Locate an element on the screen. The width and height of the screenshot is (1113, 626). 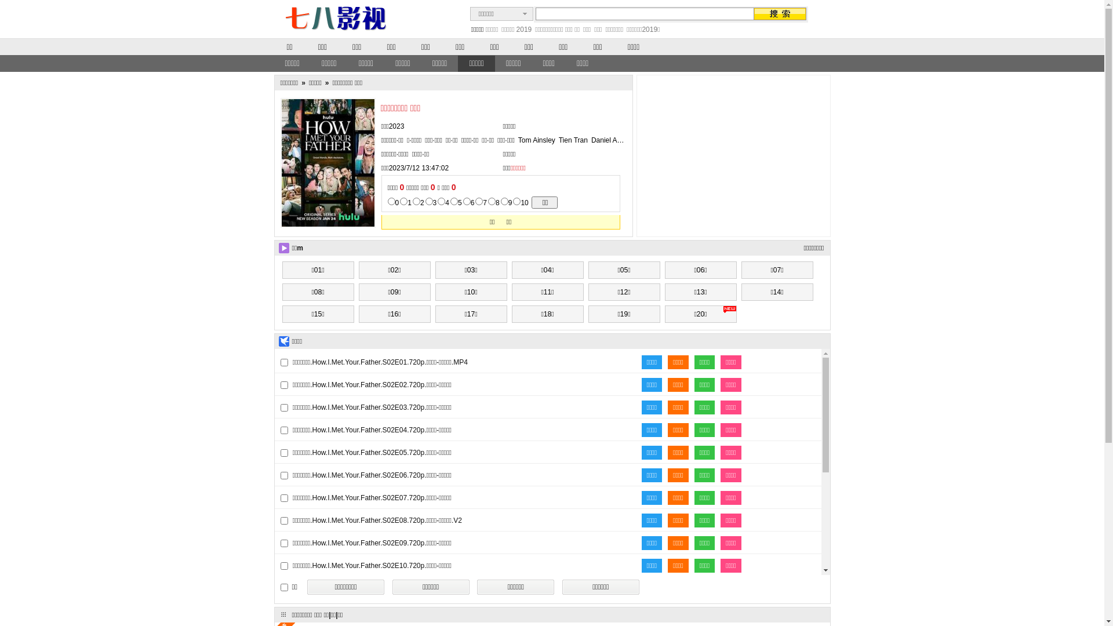
'Tom Ainsley' is located at coordinates (536, 140).